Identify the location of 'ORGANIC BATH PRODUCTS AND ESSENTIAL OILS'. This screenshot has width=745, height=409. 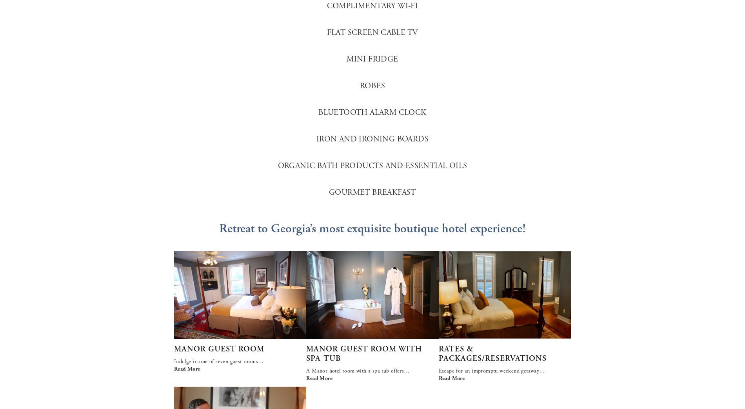
(372, 165).